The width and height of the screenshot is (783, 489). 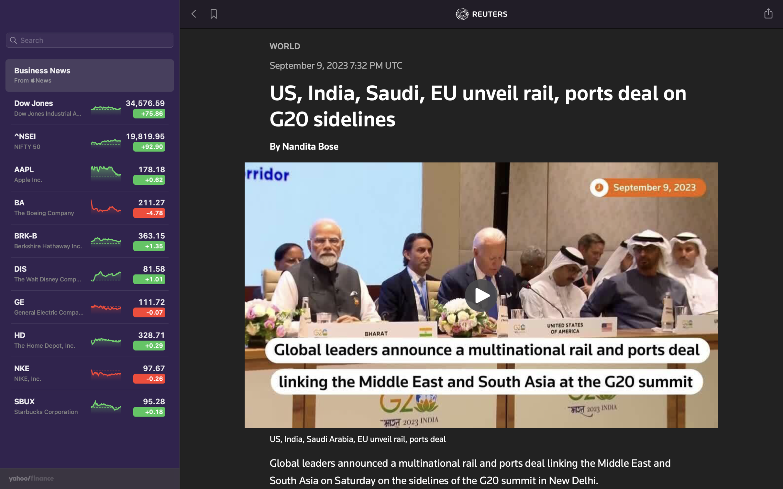 What do you see at coordinates (90, 41) in the screenshot?
I see `Search for the recent updates on General Electric` at bounding box center [90, 41].